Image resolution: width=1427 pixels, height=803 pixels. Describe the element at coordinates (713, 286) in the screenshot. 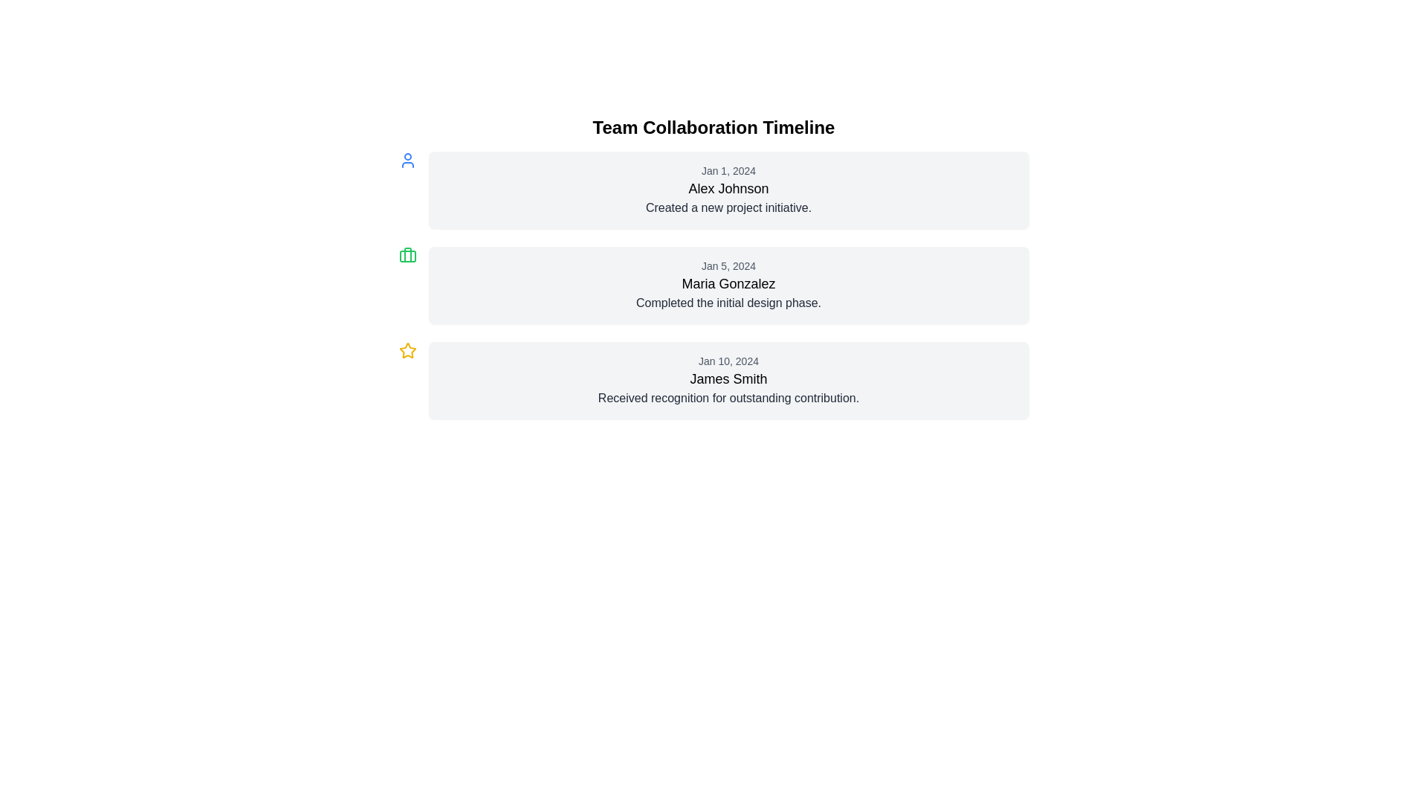

I see `the second Timeline Entry, which has a light gray background, rounded corners, and contains a date, name, and description` at that location.